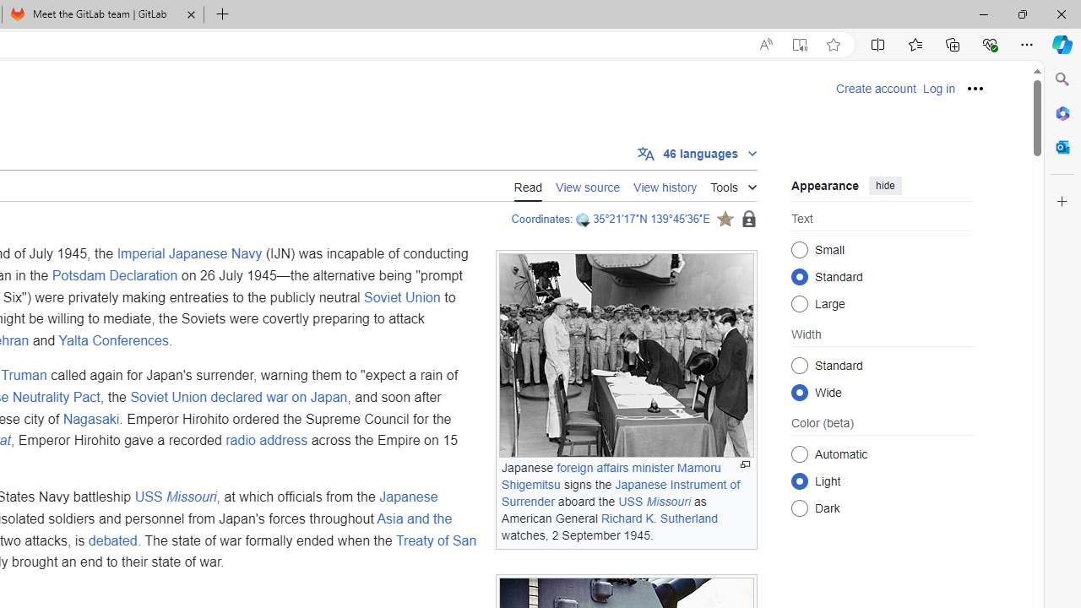 Image resolution: width=1081 pixels, height=608 pixels. I want to click on 'Large', so click(799, 302).